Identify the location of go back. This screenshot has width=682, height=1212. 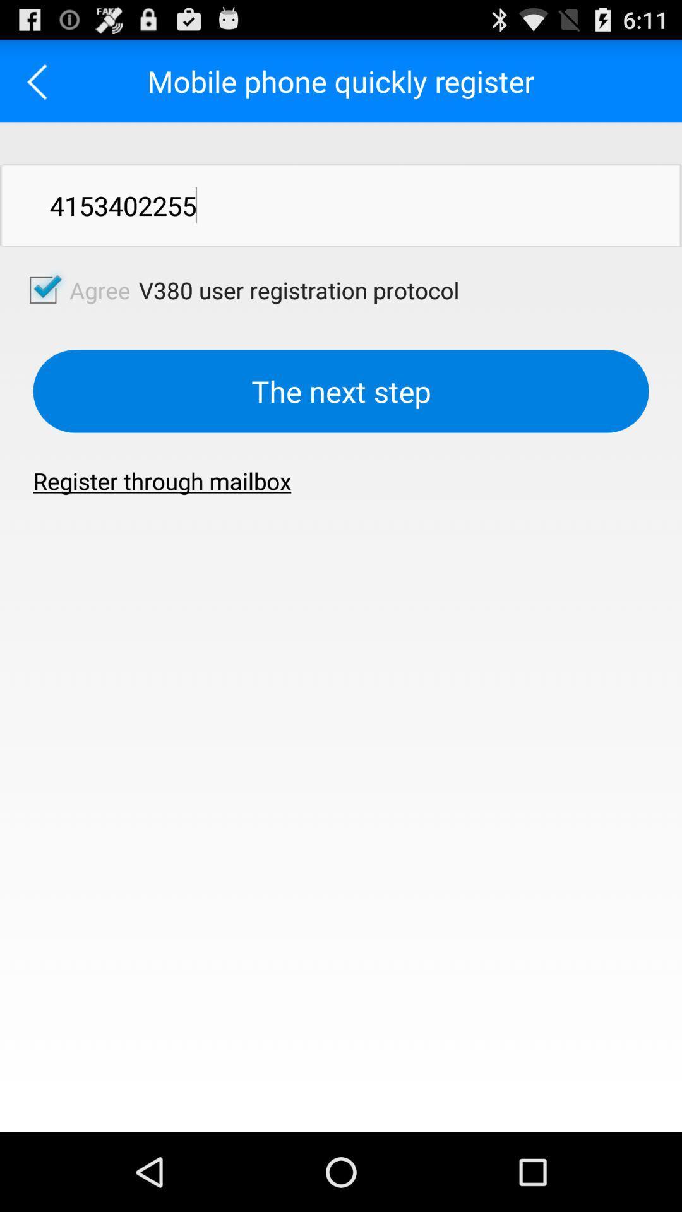
(40, 80).